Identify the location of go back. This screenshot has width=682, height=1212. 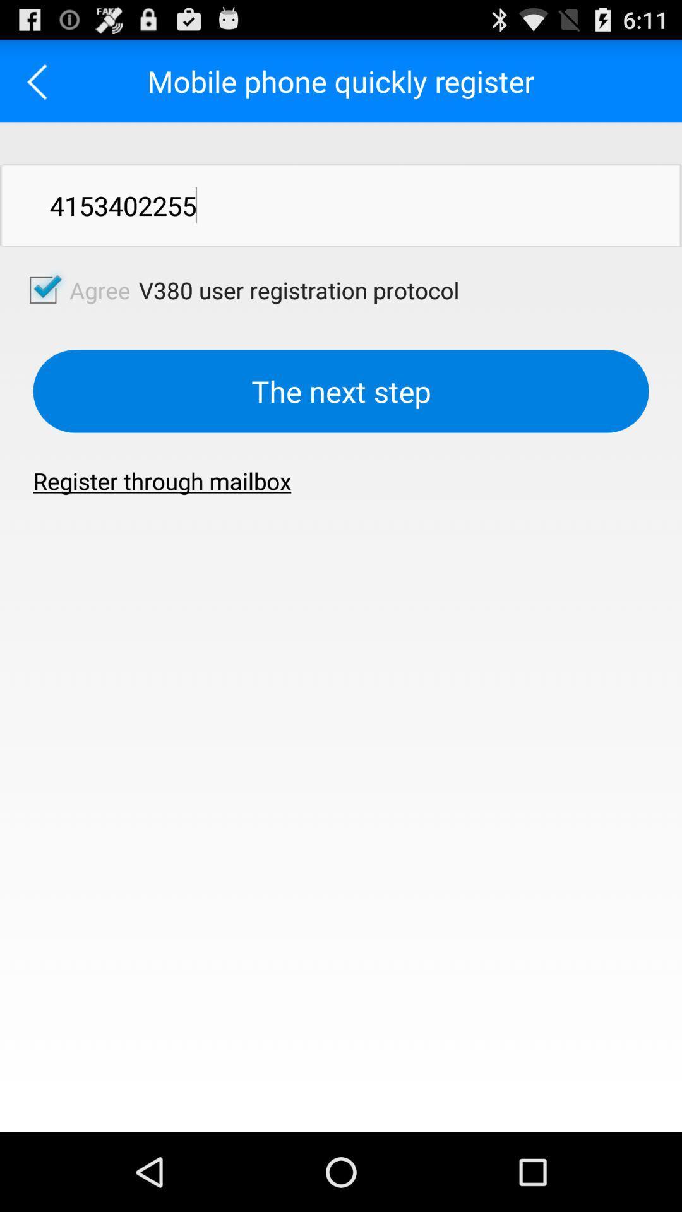
(40, 80).